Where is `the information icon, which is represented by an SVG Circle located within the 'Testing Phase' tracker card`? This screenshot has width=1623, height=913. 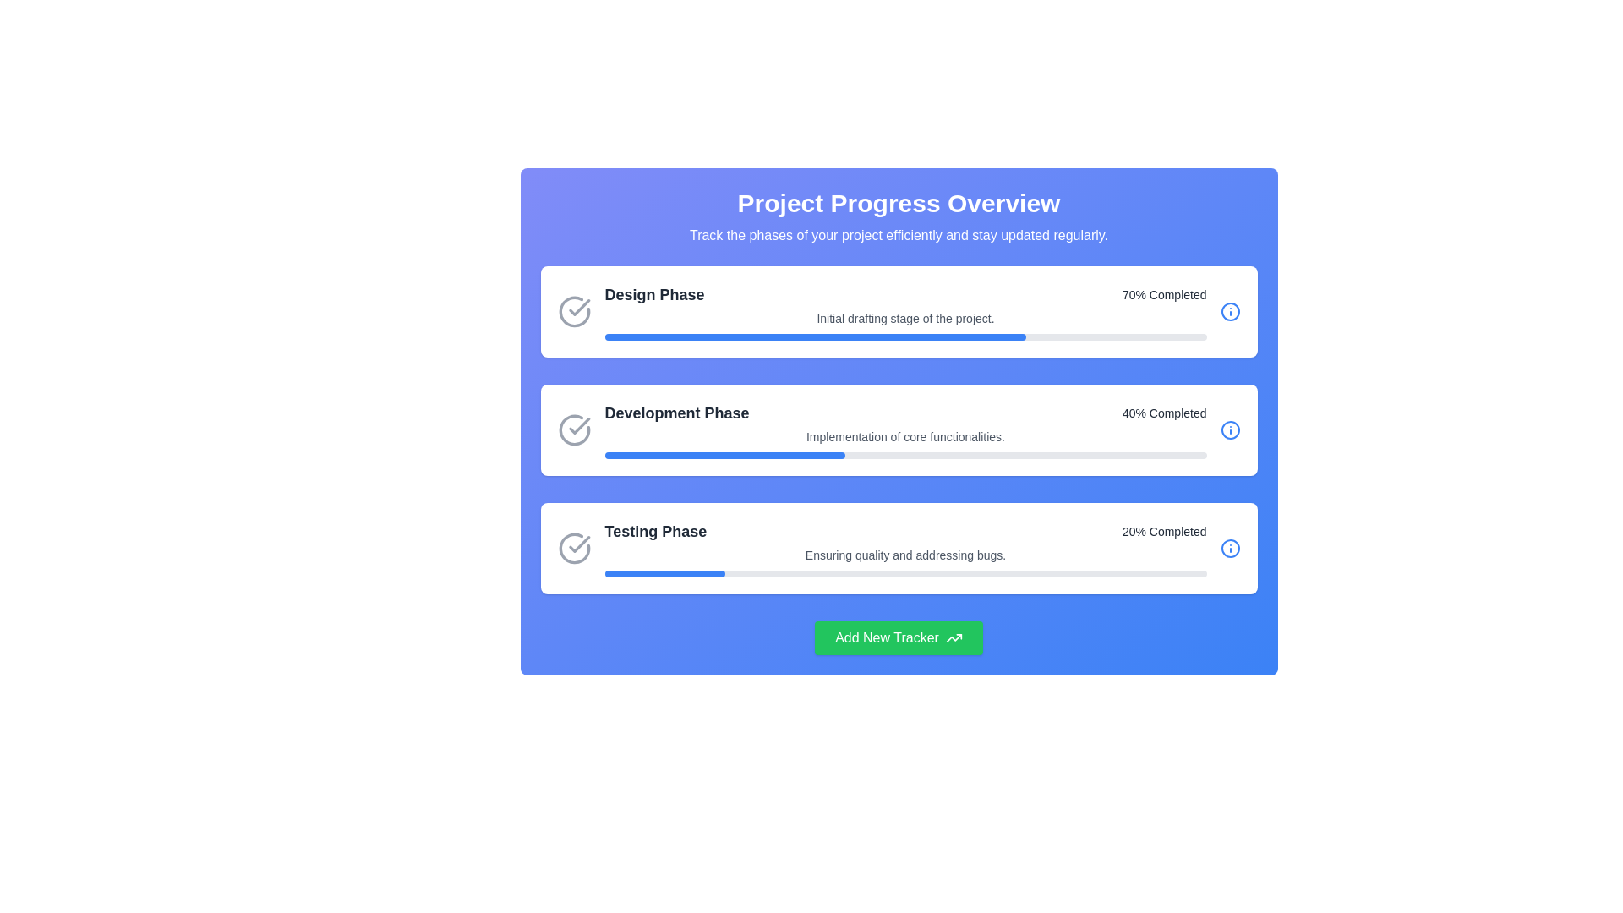
the information icon, which is represented by an SVG Circle located within the 'Testing Phase' tracker card is located at coordinates (1230, 548).